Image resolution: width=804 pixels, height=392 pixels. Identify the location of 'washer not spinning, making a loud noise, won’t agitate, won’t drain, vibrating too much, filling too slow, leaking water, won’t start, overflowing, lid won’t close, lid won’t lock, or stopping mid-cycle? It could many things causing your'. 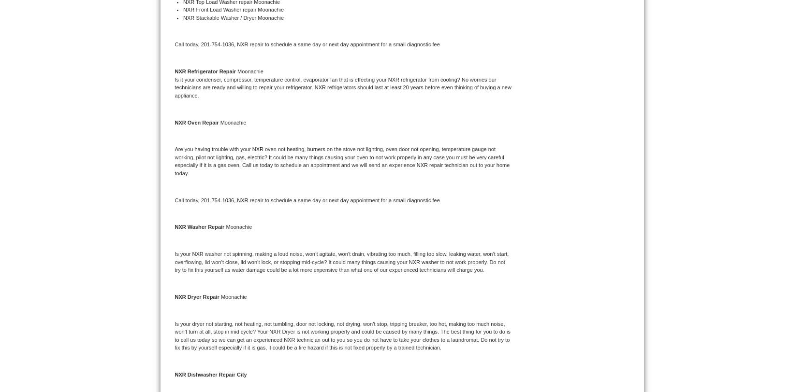
(342, 257).